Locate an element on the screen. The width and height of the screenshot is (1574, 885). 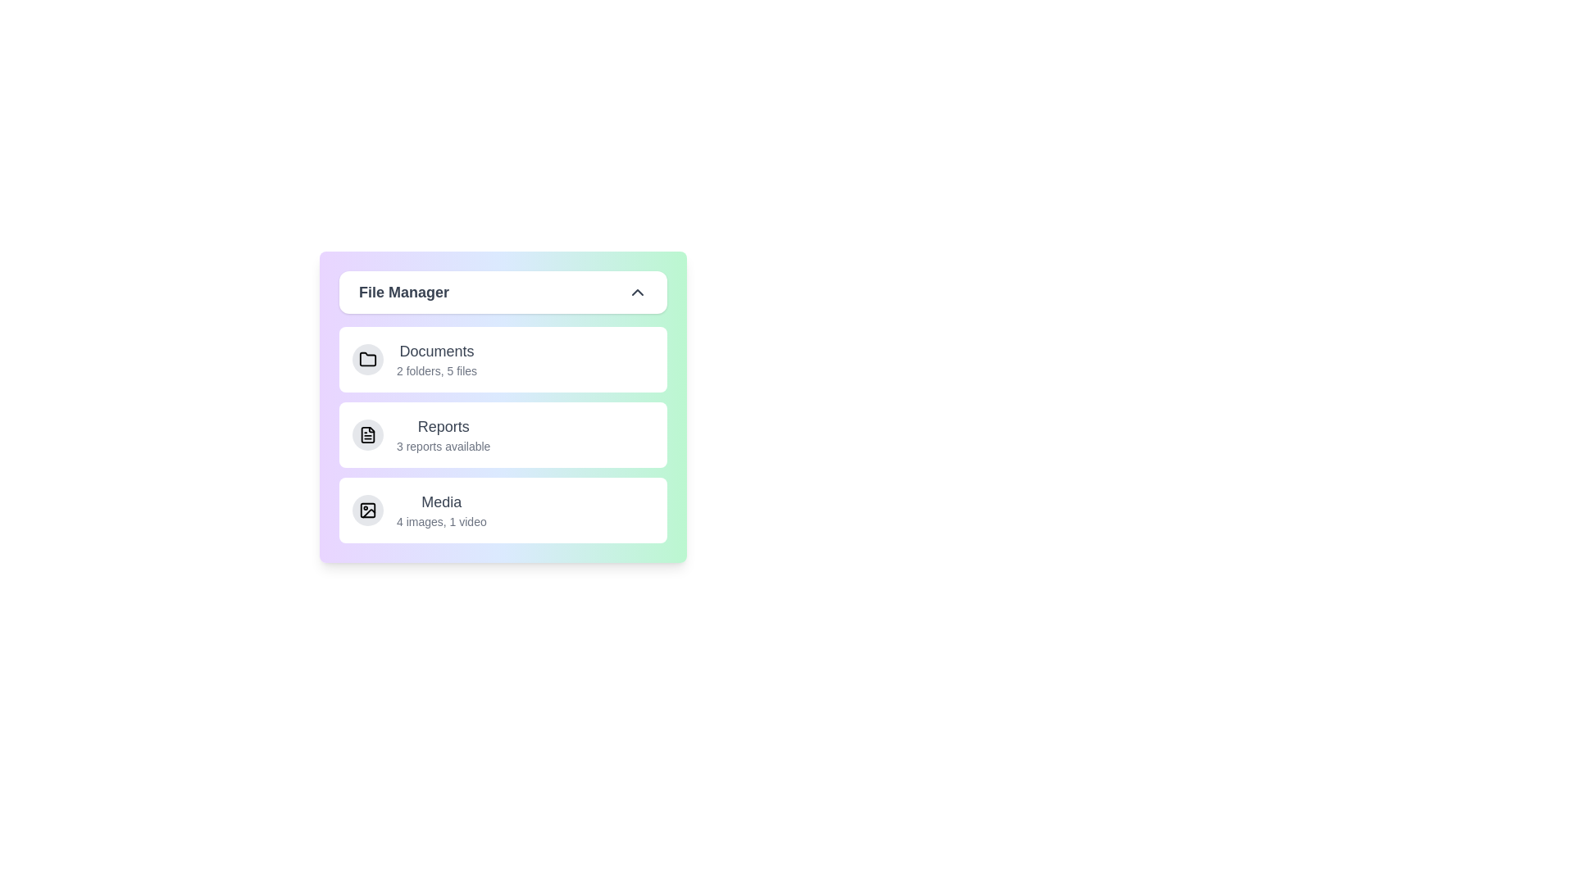
the icon for Reports to inspect it is located at coordinates (367, 434).